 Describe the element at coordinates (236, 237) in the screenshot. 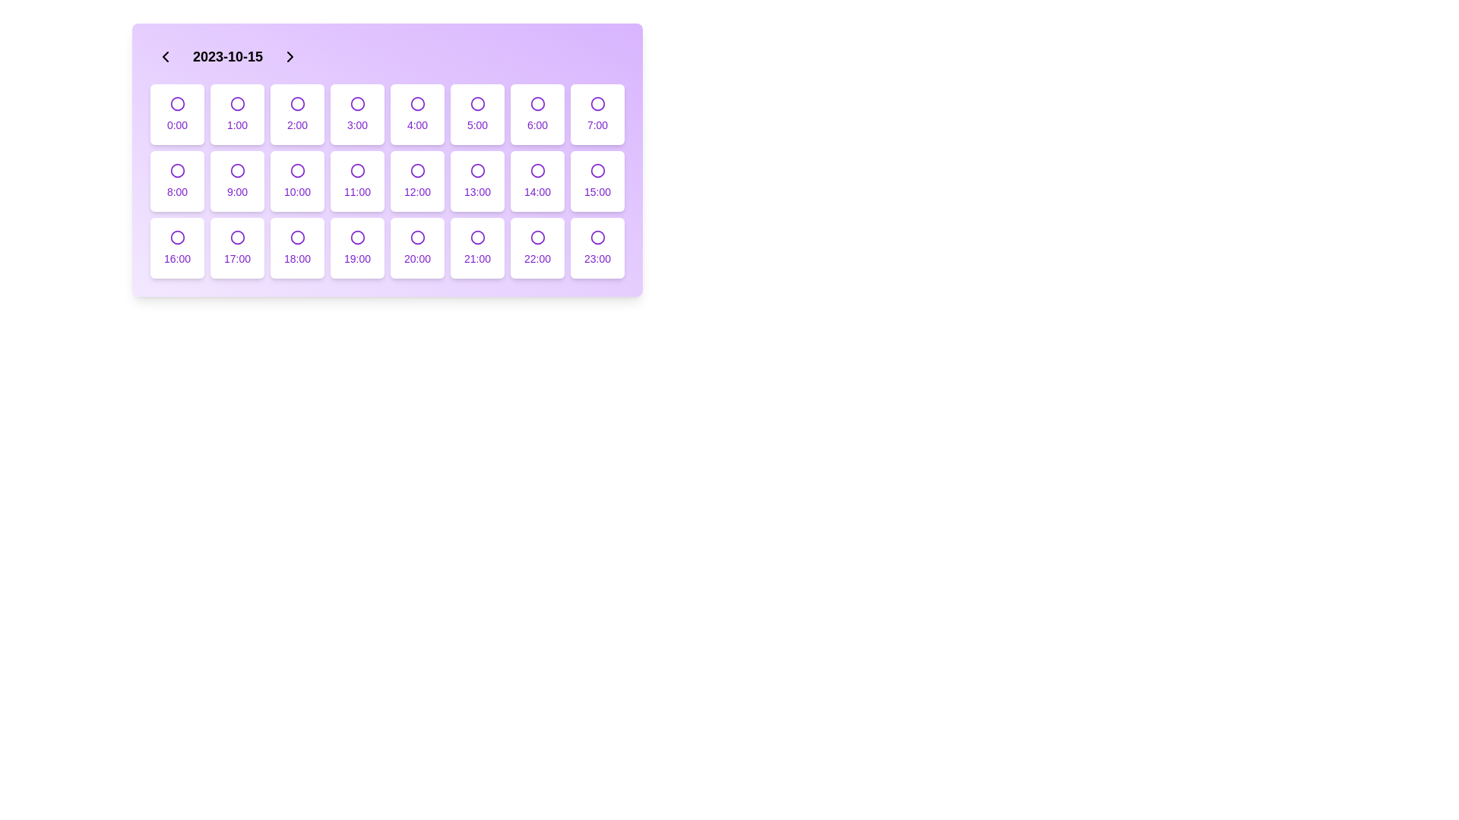

I see `the purple hollow circle located within the time slot labeled '17:00' in the calendar interface for the date 2023-10-15` at that location.